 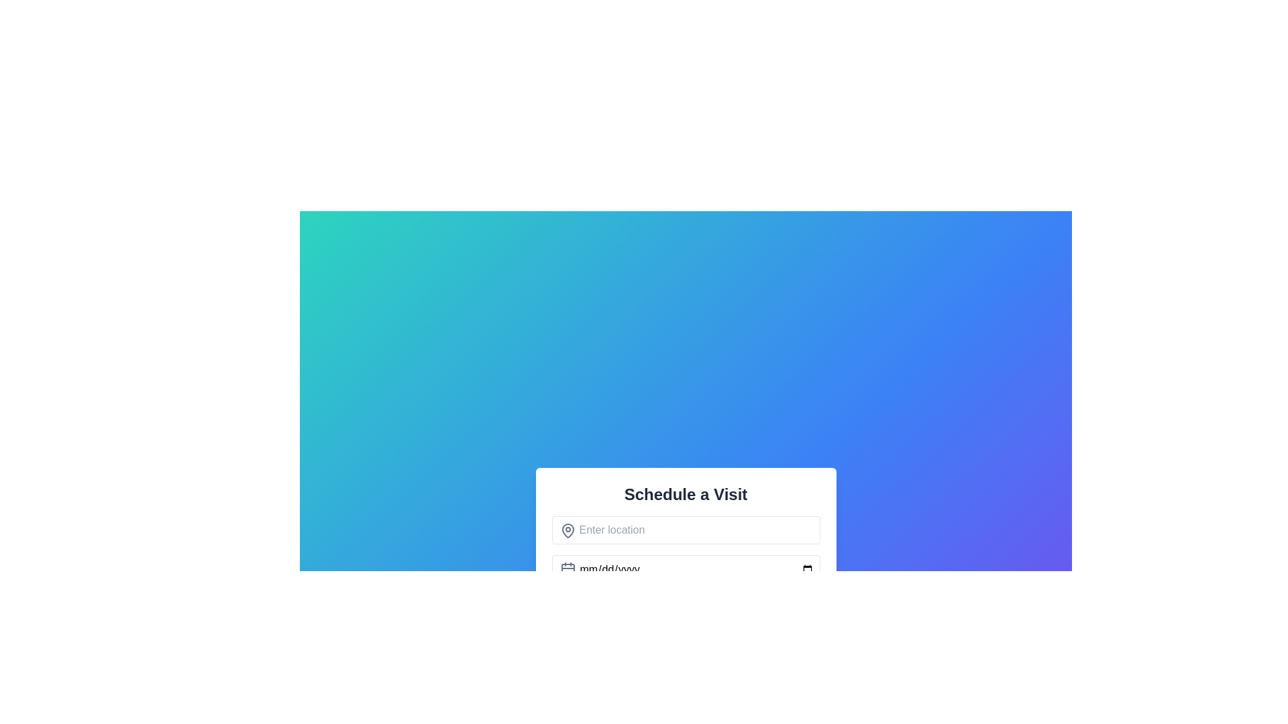 What do you see at coordinates (686, 494) in the screenshot?
I see `heading text 'Schedule a Visit' located at the top of the form to understand the form's purpose` at bounding box center [686, 494].